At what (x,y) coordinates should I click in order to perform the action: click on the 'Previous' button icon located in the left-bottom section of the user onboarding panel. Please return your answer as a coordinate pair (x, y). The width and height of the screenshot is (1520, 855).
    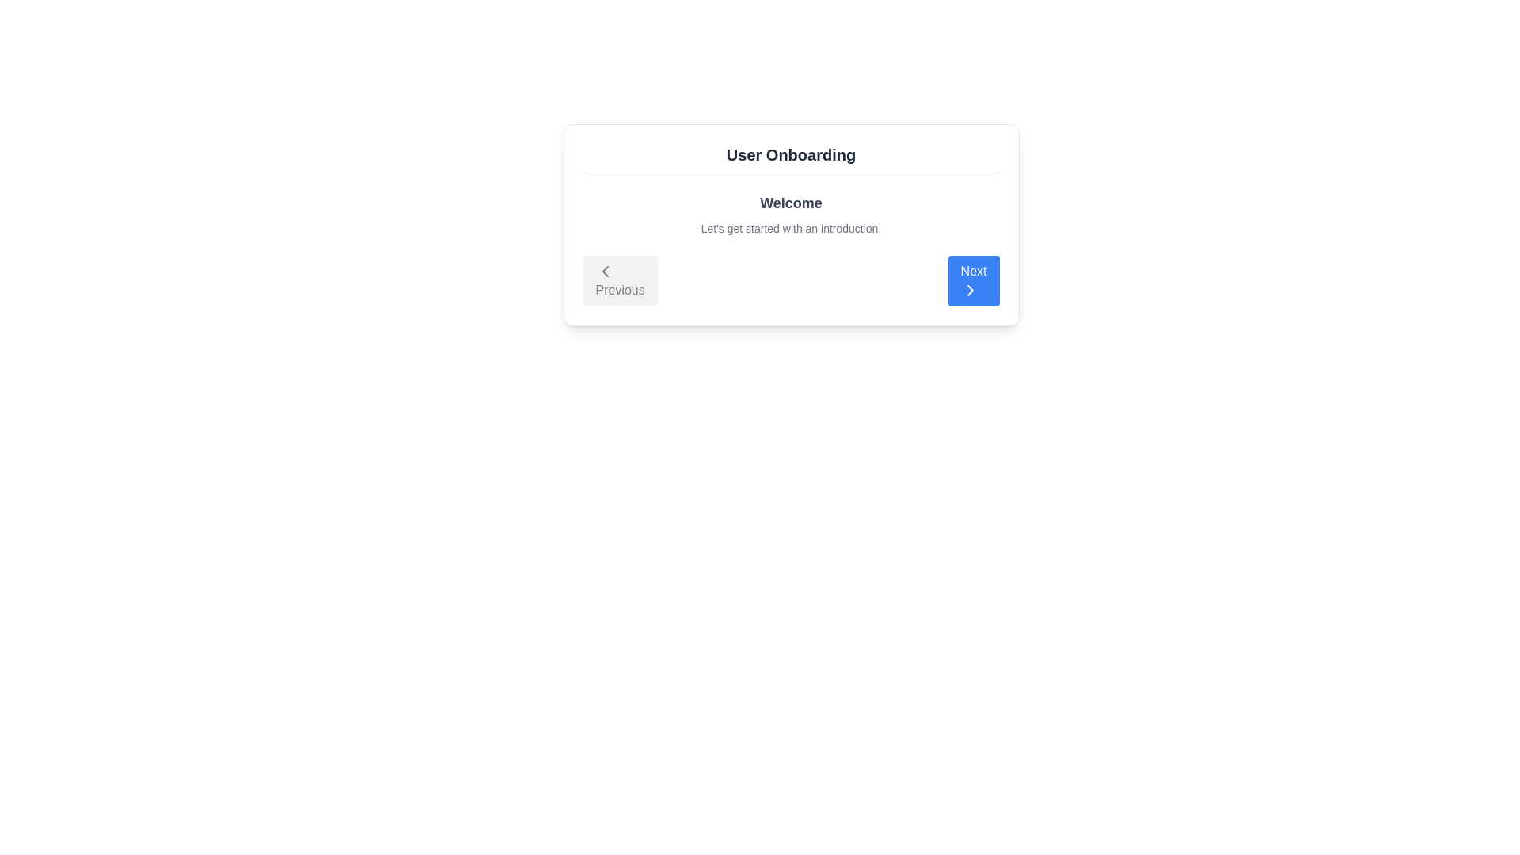
    Looking at the image, I should click on (604, 271).